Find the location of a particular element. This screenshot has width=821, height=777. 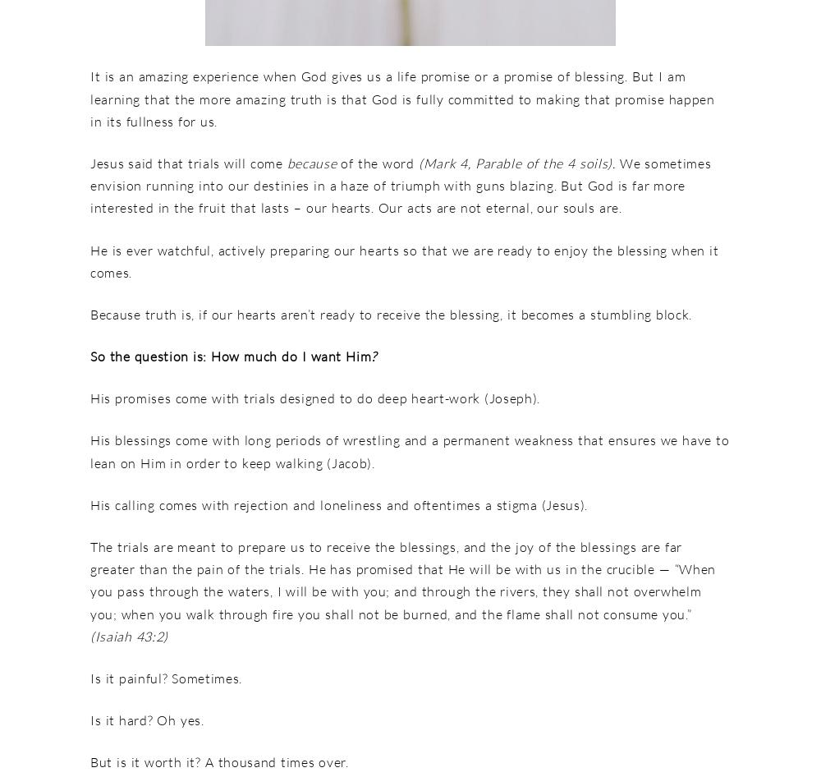

'Jesus said that' is located at coordinates (139, 162).